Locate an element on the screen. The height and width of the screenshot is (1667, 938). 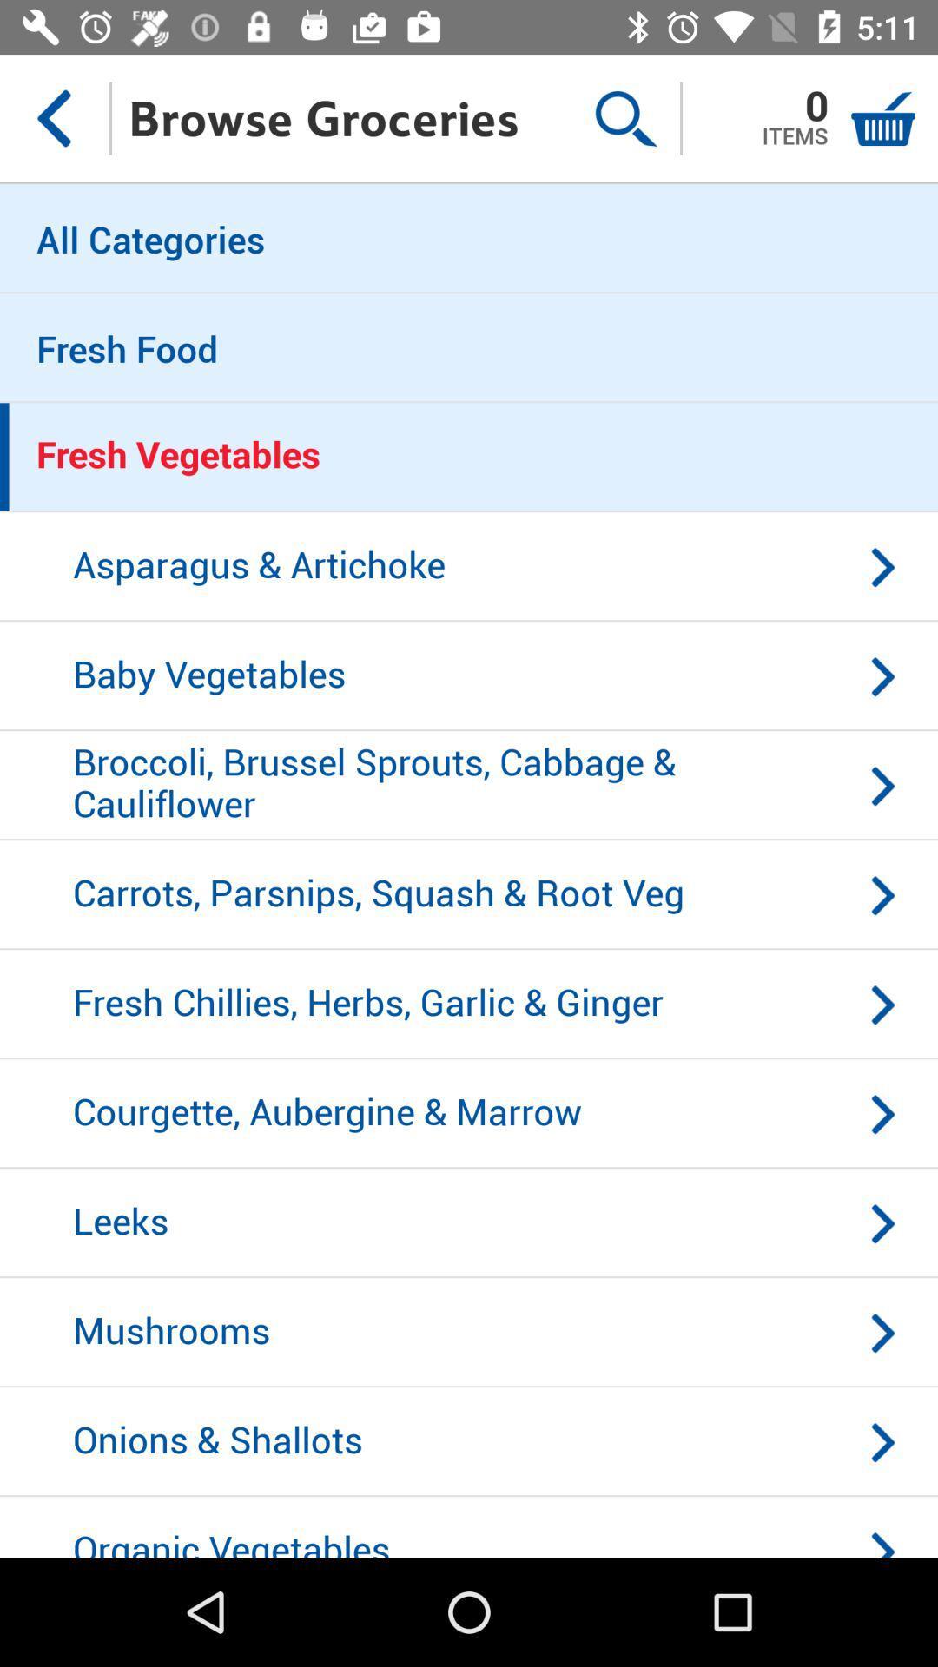
item above the leeks item is located at coordinates (469, 1114).